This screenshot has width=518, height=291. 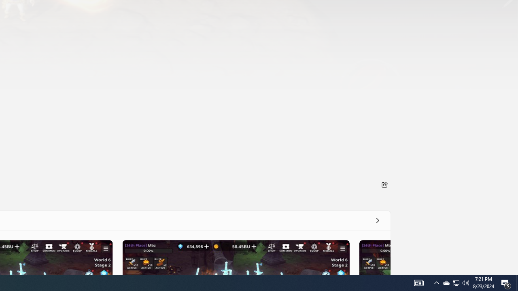 I want to click on 'Screenshot 4', so click(x=374, y=257).